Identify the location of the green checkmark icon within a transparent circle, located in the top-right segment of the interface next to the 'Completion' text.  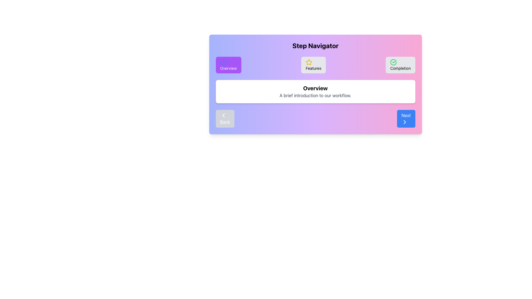
(393, 62).